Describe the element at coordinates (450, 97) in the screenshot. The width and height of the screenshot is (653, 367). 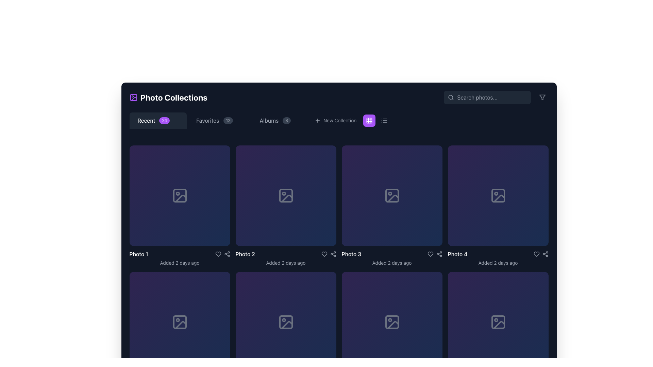
I see `the circular icon of the magnifying glass, which is part of the search functionality located in the top-right corner of the interface` at that location.